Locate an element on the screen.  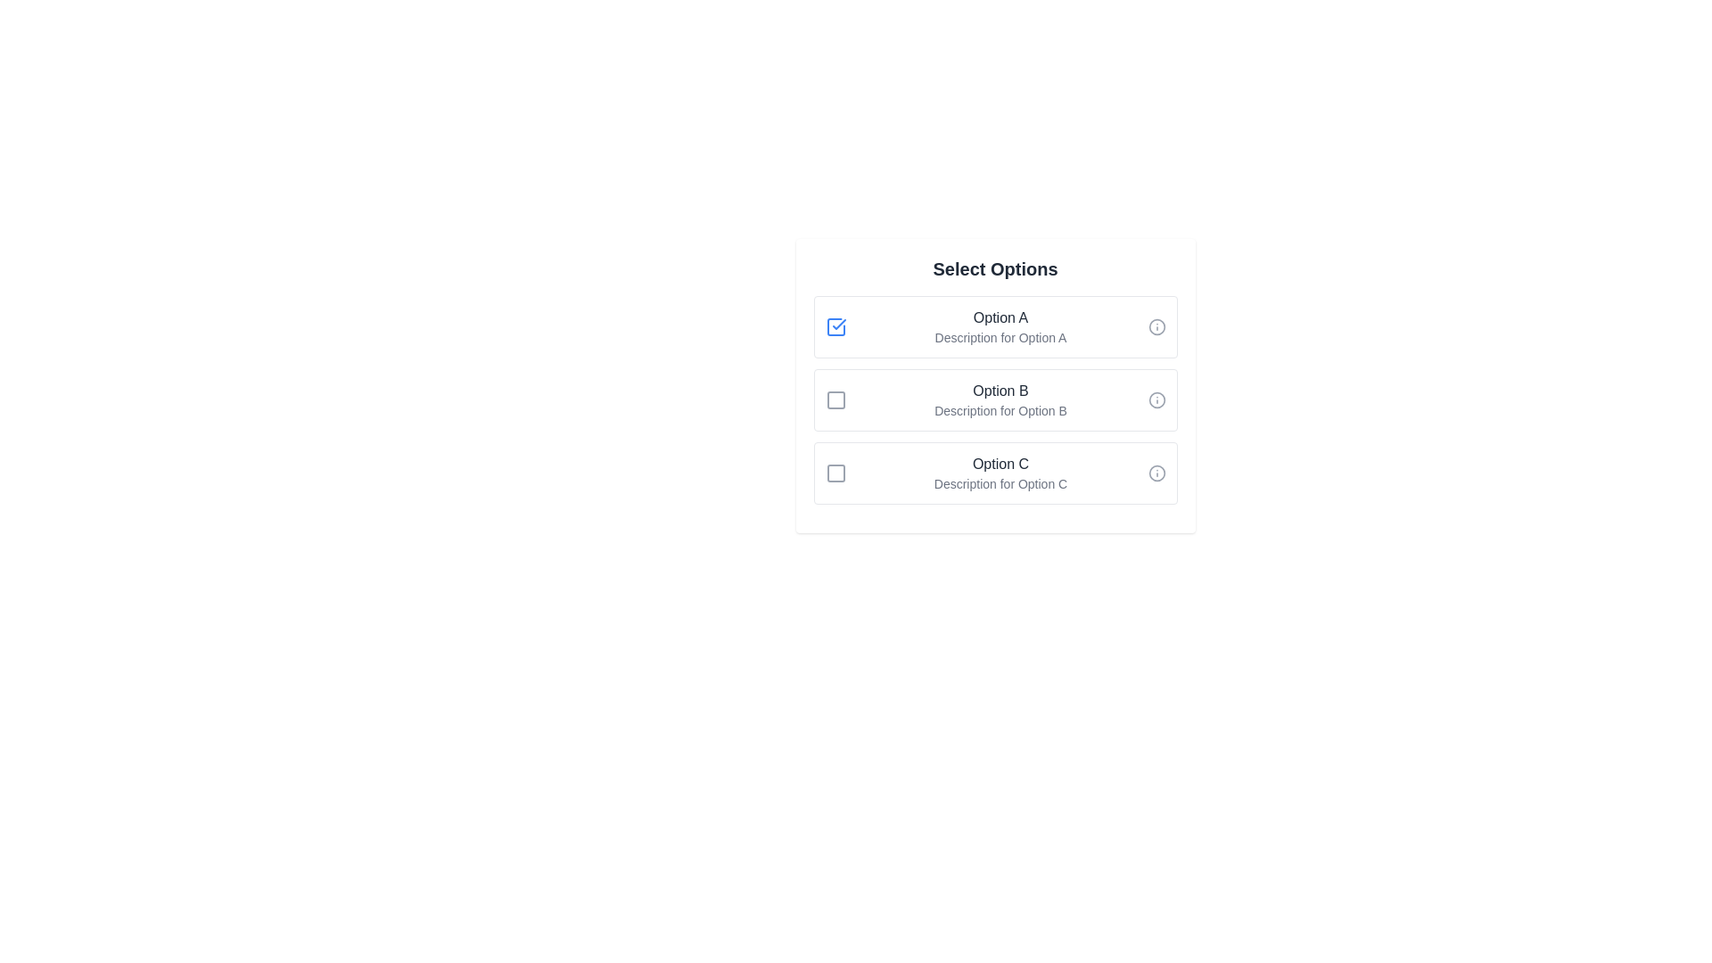
the checkbox corresponding to Option C is located at coordinates (835, 473).